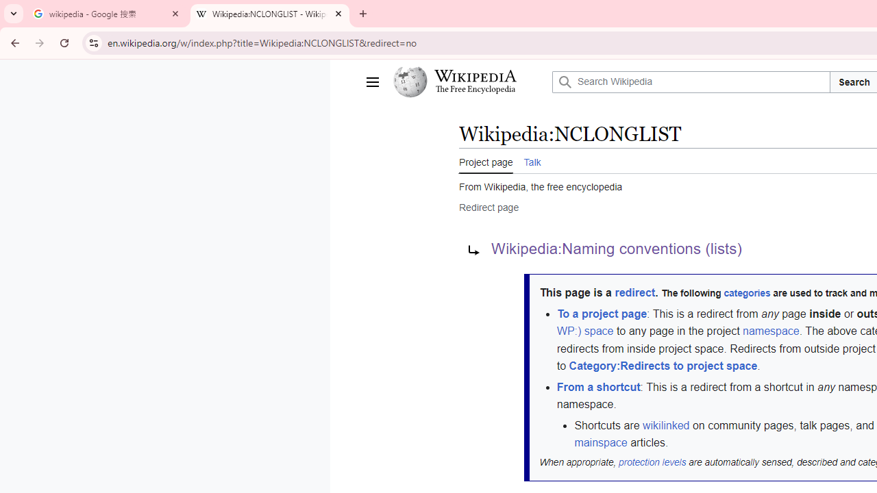 This screenshot has height=493, width=877. Describe the element at coordinates (373, 81) in the screenshot. I see `'Main menu'` at that location.